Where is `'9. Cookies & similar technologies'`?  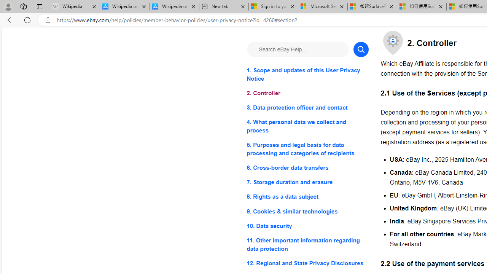
'9. Cookies & similar technologies' is located at coordinates (307, 211).